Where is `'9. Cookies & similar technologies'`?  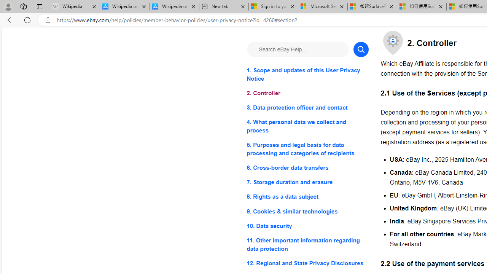
'9. Cookies & similar technologies' is located at coordinates (307, 211).